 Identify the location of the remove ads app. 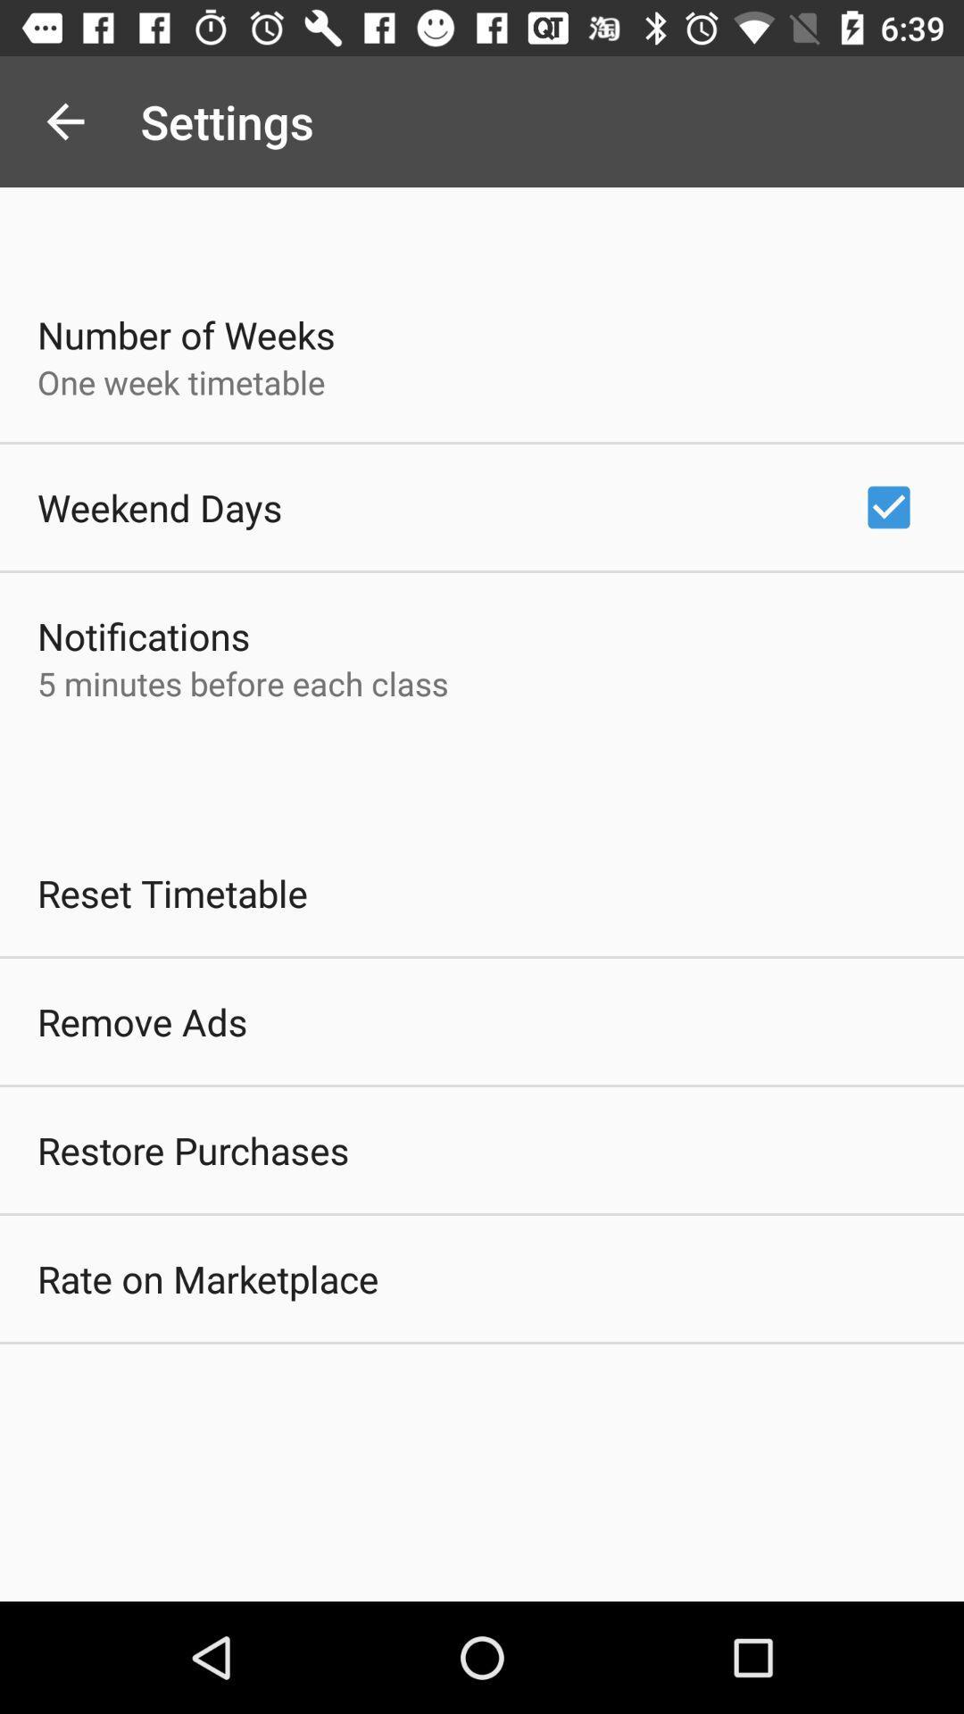
(141, 1021).